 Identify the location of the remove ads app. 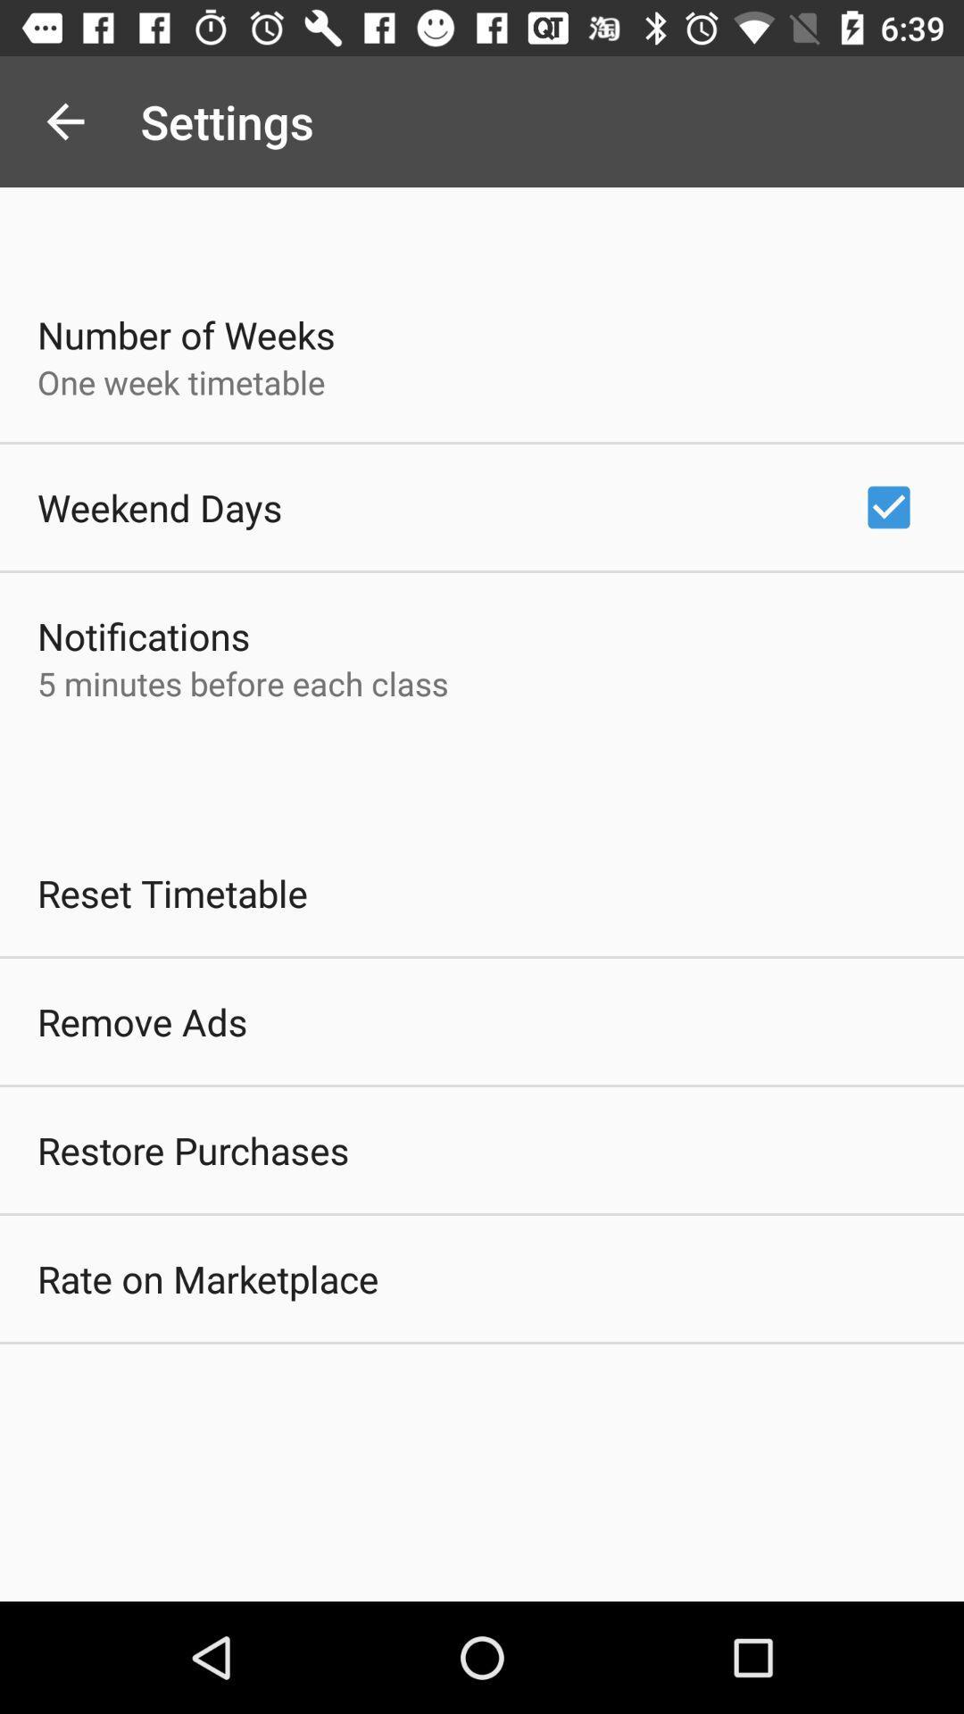
(141, 1021).